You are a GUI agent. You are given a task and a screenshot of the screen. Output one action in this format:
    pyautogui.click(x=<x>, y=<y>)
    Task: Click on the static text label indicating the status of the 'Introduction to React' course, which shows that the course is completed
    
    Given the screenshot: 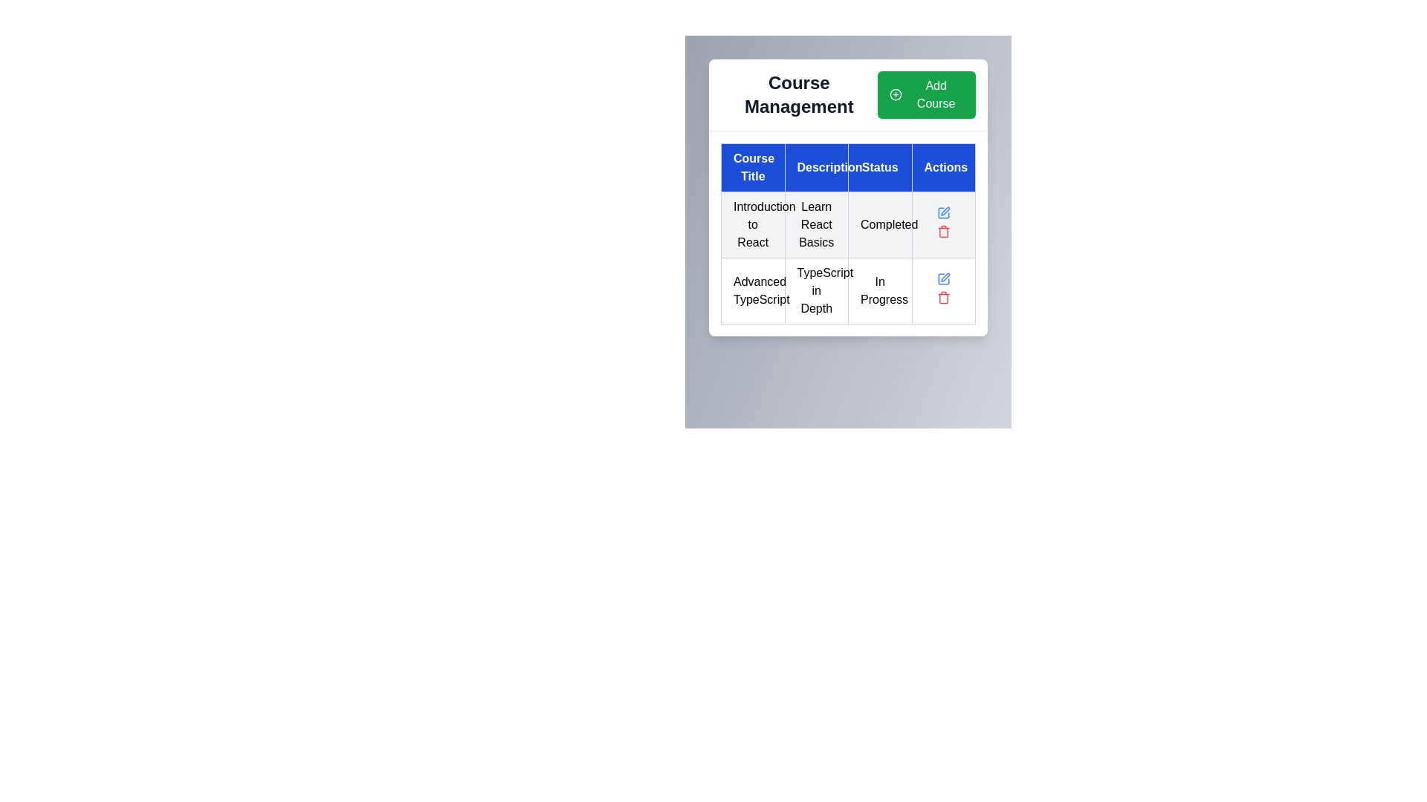 What is the action you would take?
    pyautogui.click(x=880, y=225)
    